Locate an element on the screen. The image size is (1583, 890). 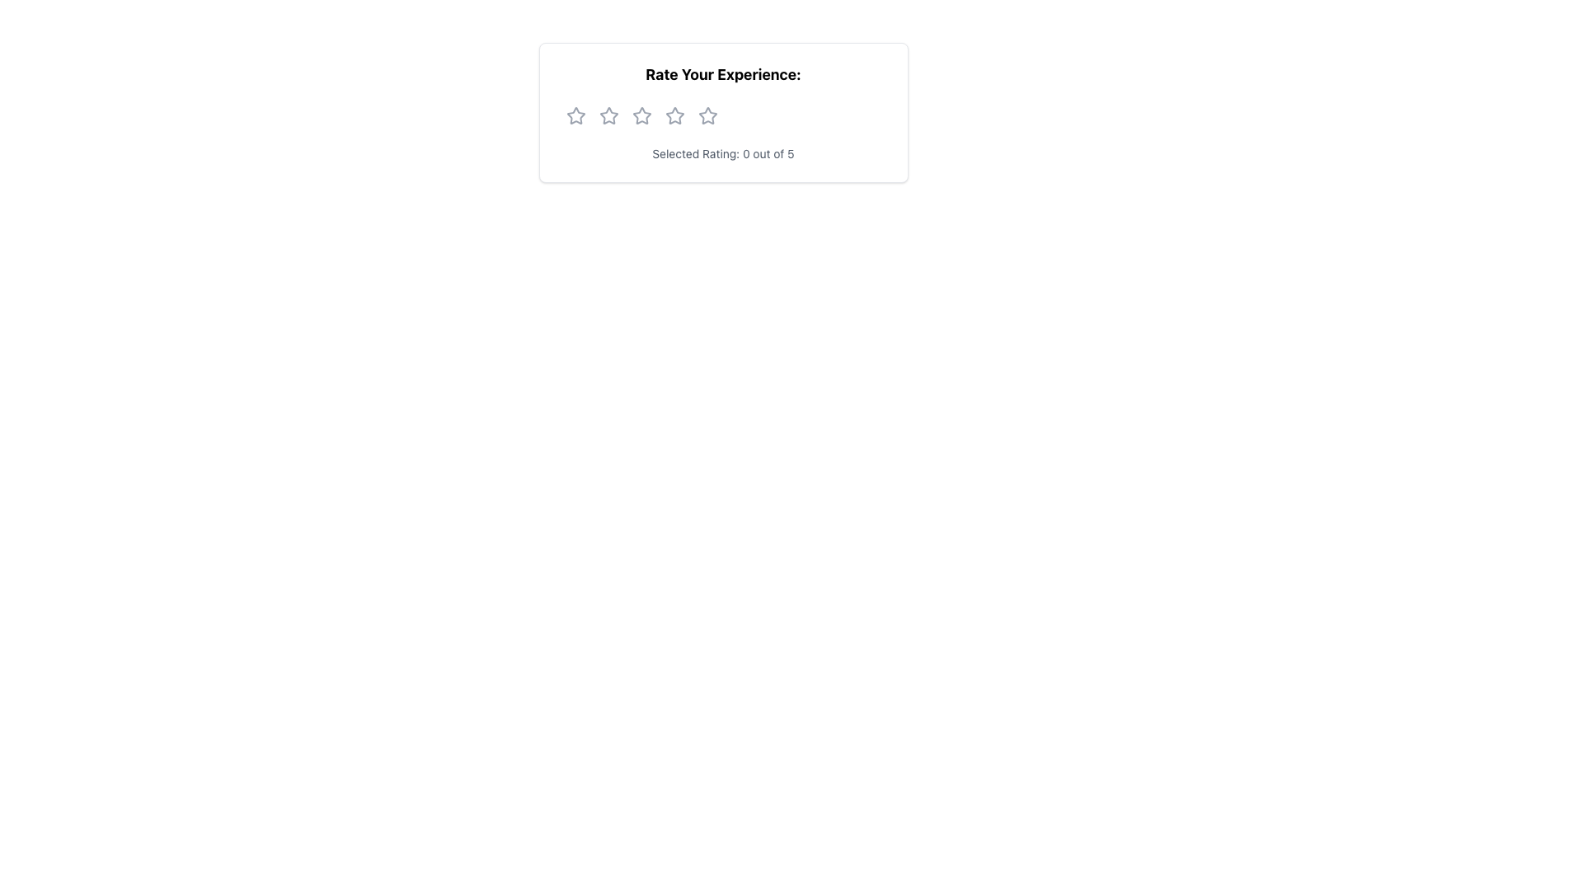
the fourth star in the star rating widget to assign a rating is located at coordinates (707, 115).